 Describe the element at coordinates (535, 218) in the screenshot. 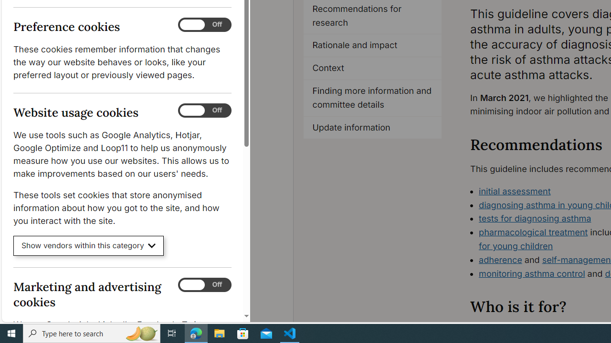

I see `'tests for diagnosing asthma'` at that location.